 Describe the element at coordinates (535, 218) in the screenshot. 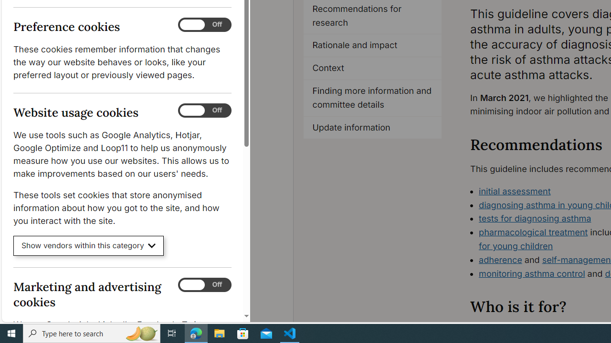

I see `'tests for diagnosing asthma'` at that location.